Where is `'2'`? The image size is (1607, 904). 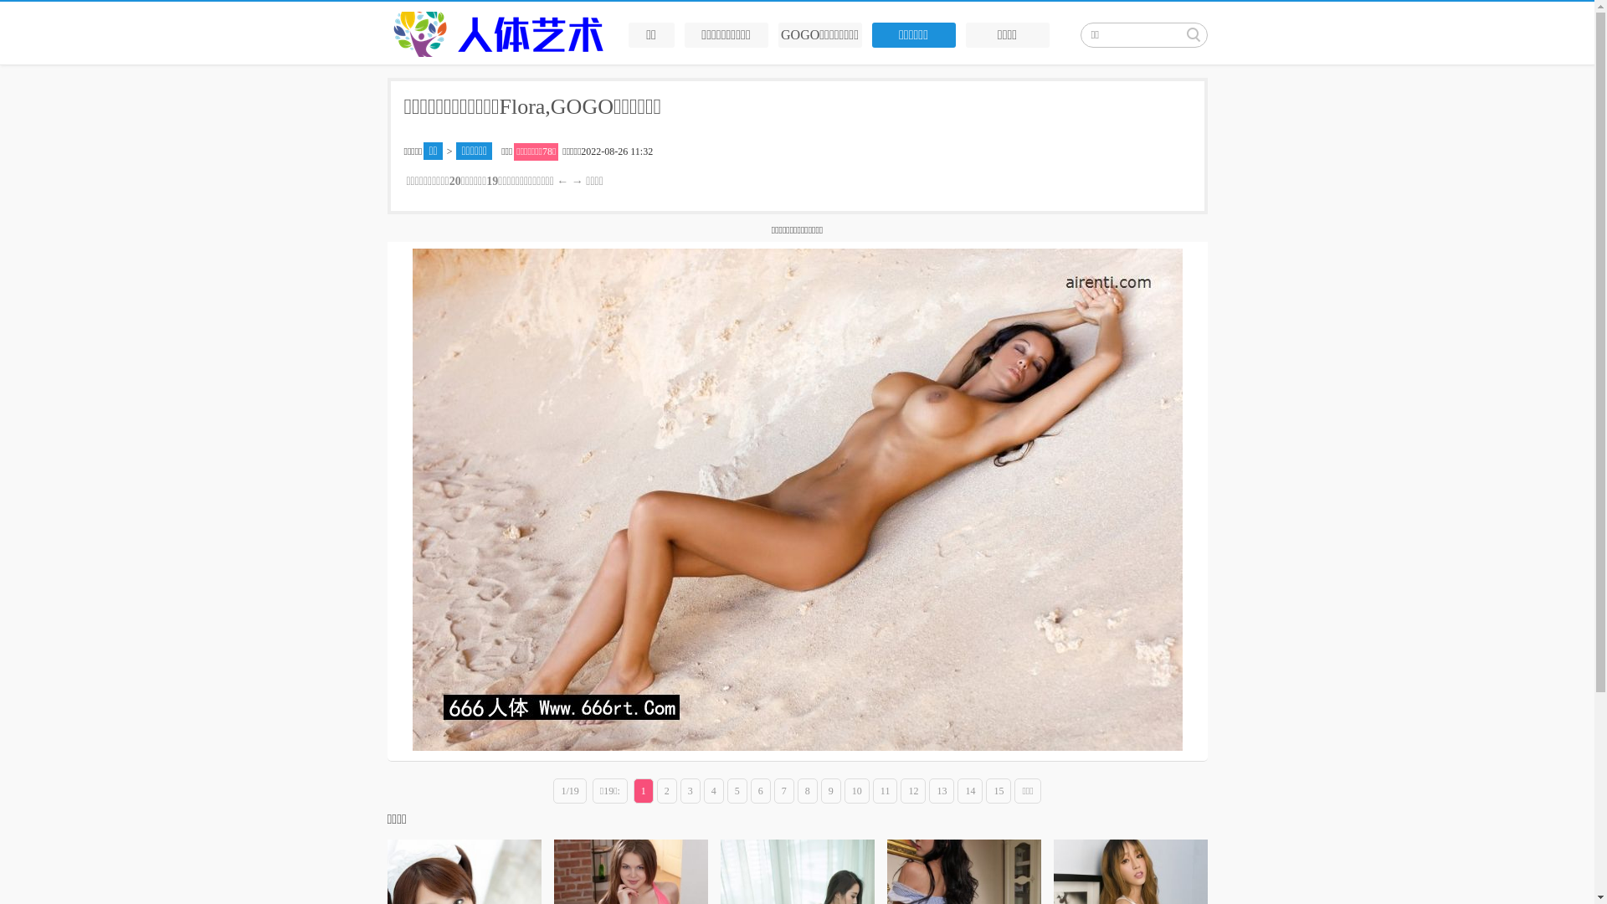 '2' is located at coordinates (656, 791).